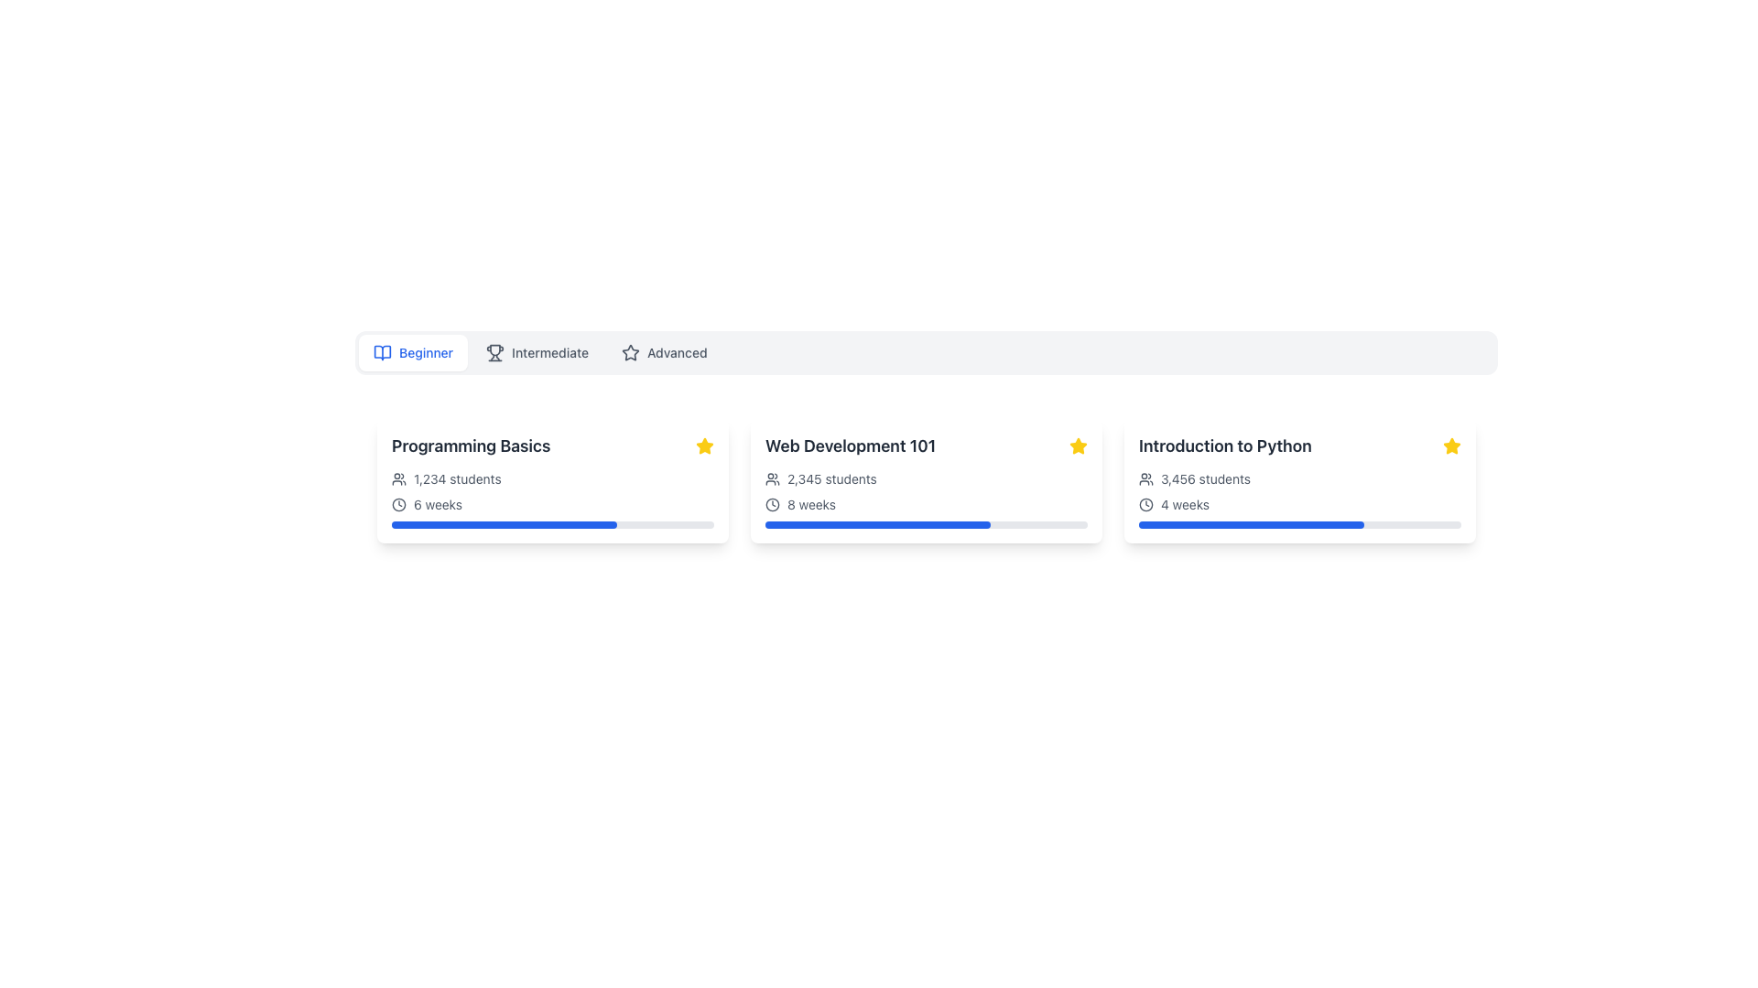 This screenshot has height=988, width=1758. Describe the element at coordinates (1450, 446) in the screenshot. I see `the yellow filled star icon located in the upper-right corner of the 'Introduction to Python' card, which serves as a rating or favorite indicator` at that location.